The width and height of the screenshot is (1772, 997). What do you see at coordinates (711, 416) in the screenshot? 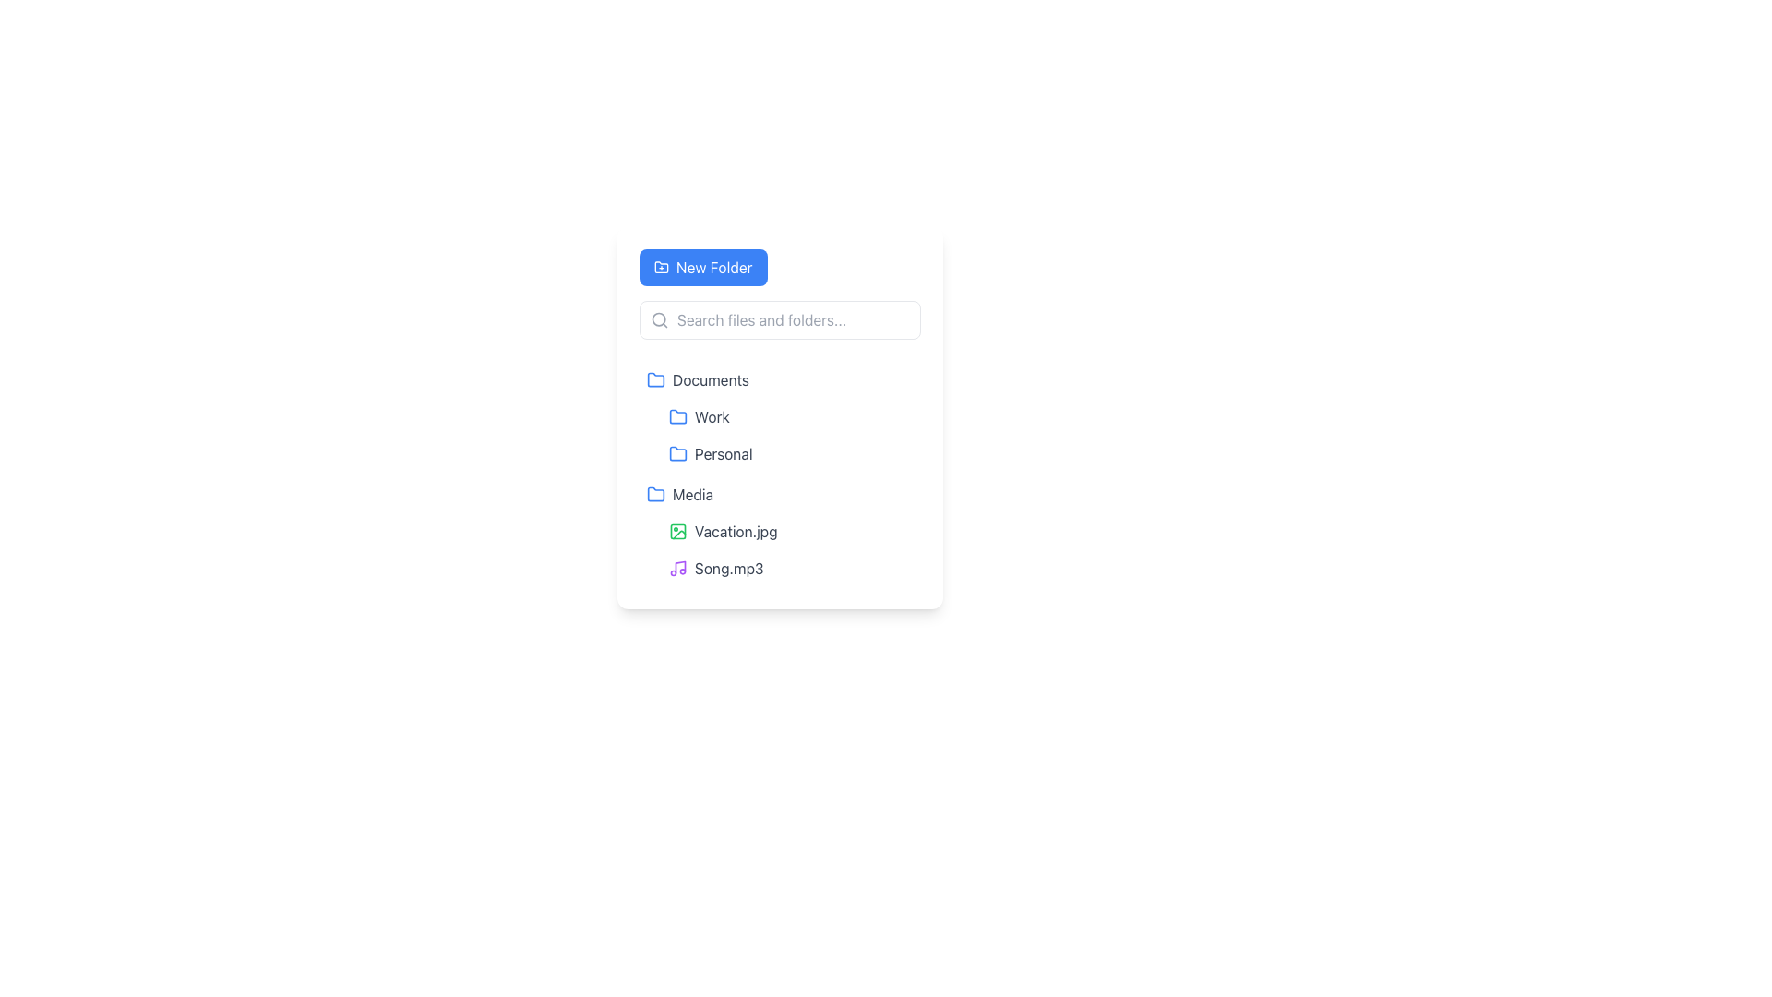
I see `text label that indicates the name of the 'Work' folder, which is located next to a blue folder icon in the second row of the folder list below the 'Documents' folder` at bounding box center [711, 416].